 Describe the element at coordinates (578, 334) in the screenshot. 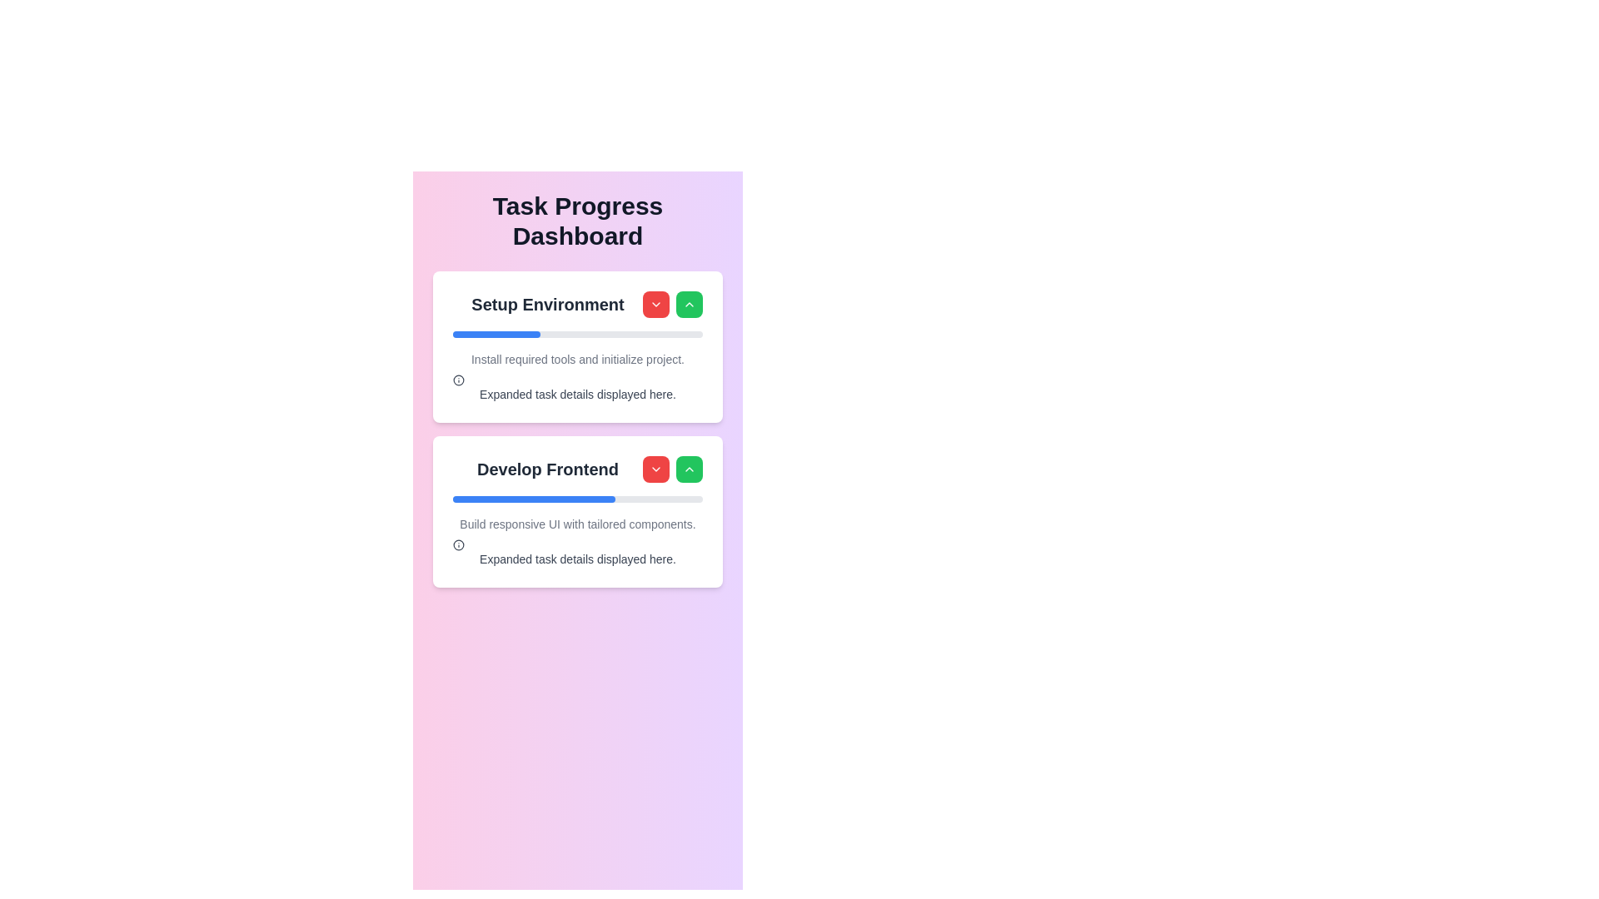

I see `the progress bar that represents the task 'Setup Environment', which is located in the middle section of the corresponding card` at that location.